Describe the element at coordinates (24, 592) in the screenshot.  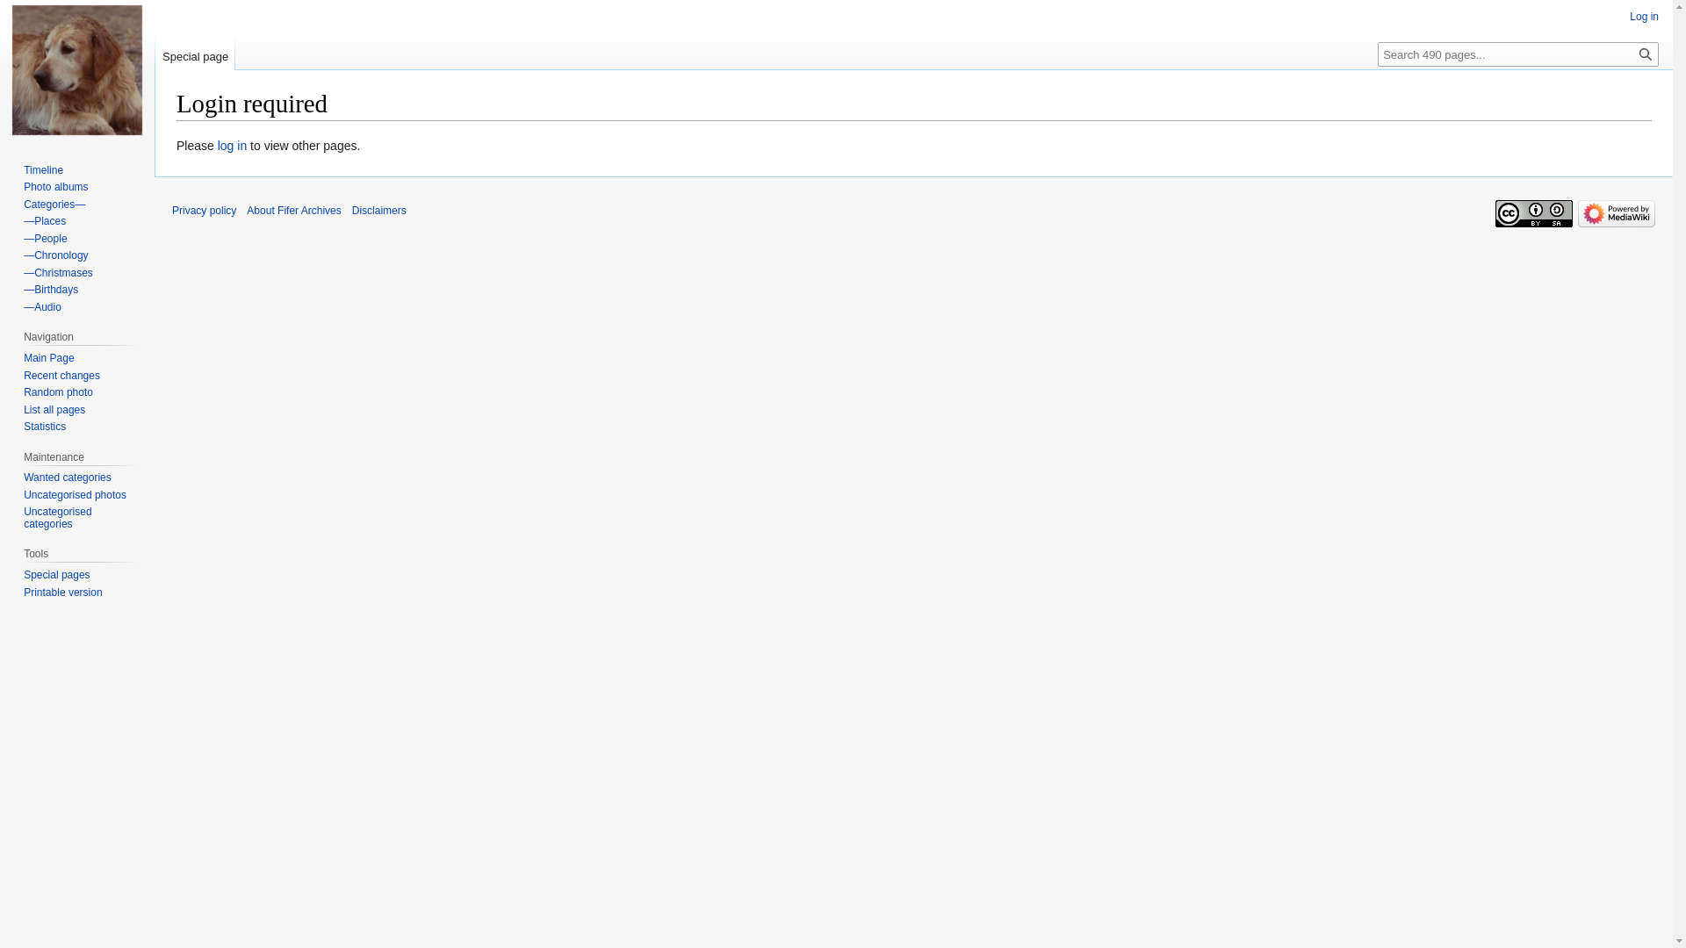
I see `'Printable version'` at that location.